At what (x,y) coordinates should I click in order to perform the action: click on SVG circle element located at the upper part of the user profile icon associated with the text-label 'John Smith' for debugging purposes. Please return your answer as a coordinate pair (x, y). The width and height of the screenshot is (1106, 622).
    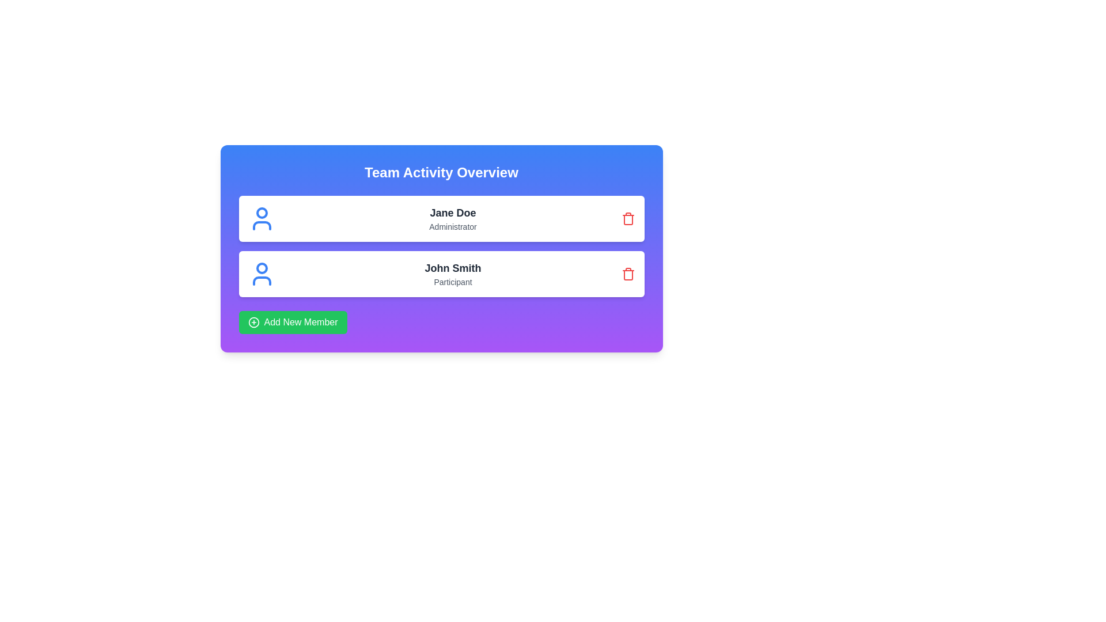
    Looking at the image, I should click on (261, 268).